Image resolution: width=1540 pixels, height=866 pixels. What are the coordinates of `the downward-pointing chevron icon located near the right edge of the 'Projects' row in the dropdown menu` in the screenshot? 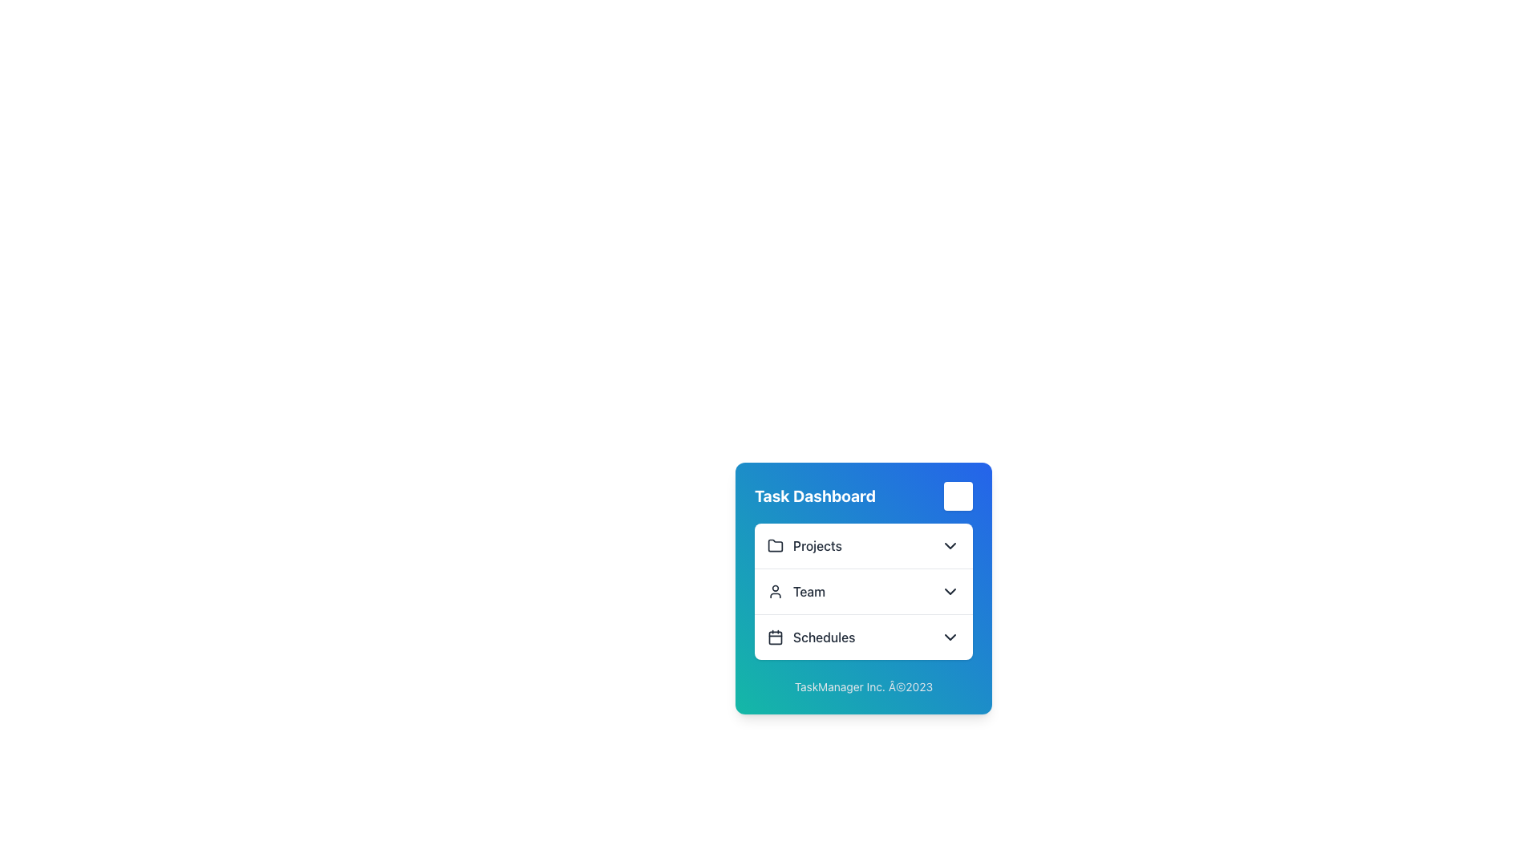 It's located at (950, 545).